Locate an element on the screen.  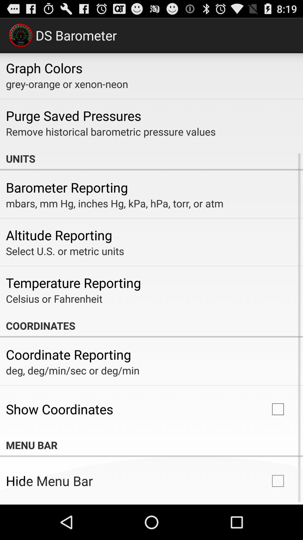
mbars mm hg icon is located at coordinates (114, 203).